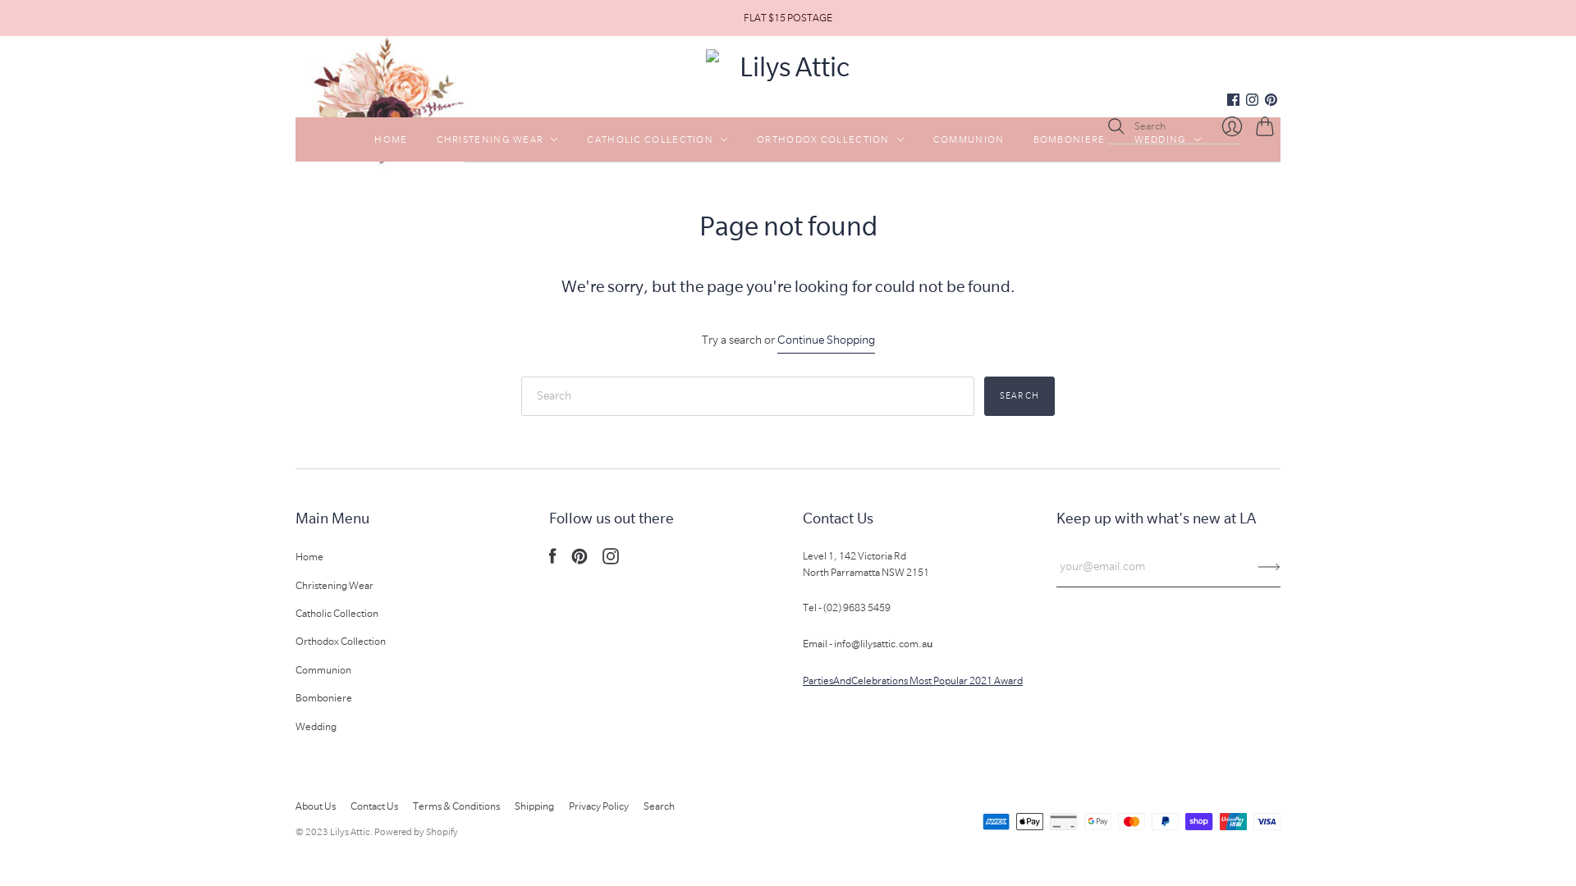  What do you see at coordinates (339, 640) in the screenshot?
I see `'Orthodox Collection'` at bounding box center [339, 640].